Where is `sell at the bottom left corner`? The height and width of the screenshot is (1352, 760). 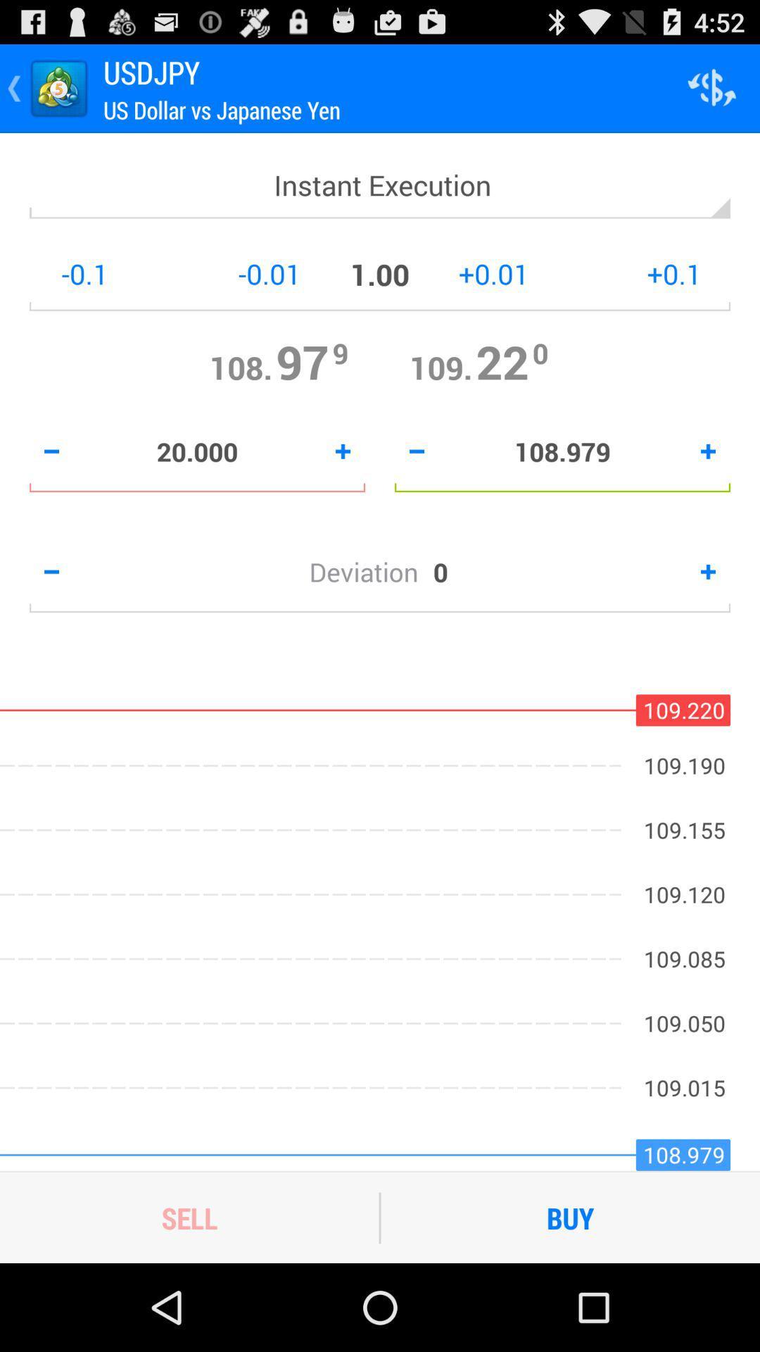
sell at the bottom left corner is located at coordinates (189, 1217).